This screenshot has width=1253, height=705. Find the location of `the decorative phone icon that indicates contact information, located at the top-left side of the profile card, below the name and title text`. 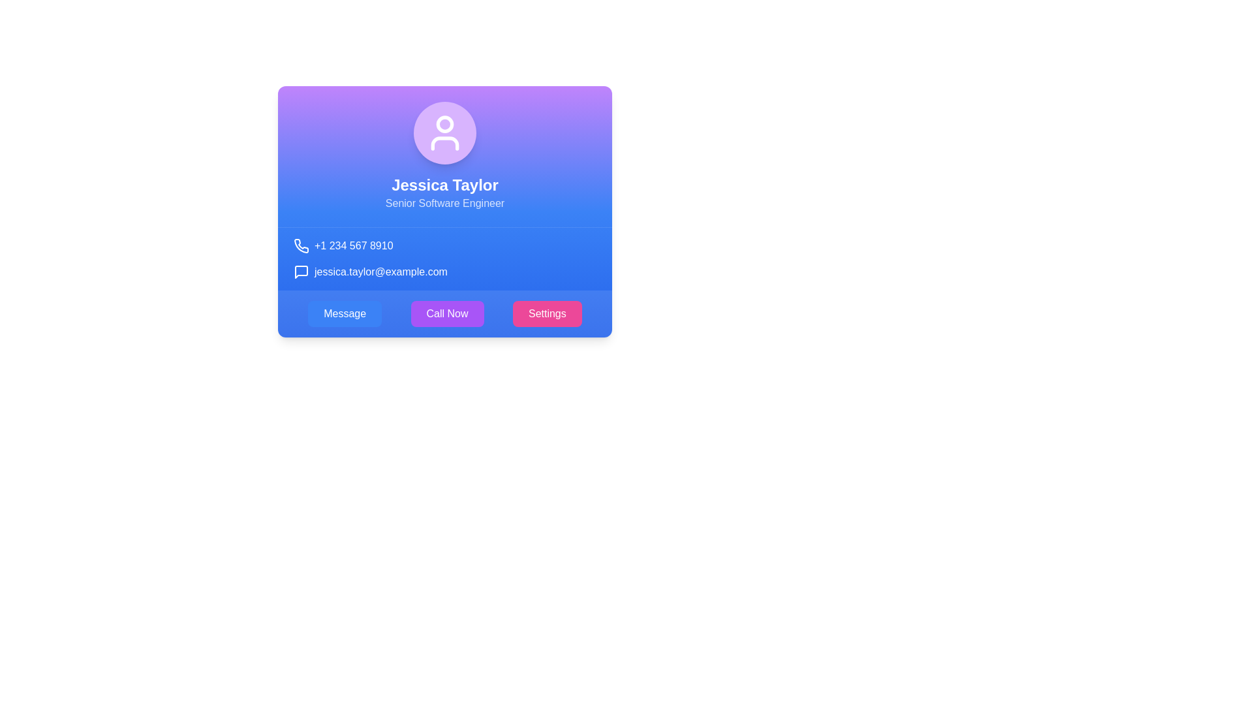

the decorative phone icon that indicates contact information, located at the top-left side of the profile card, below the name and title text is located at coordinates (300, 246).